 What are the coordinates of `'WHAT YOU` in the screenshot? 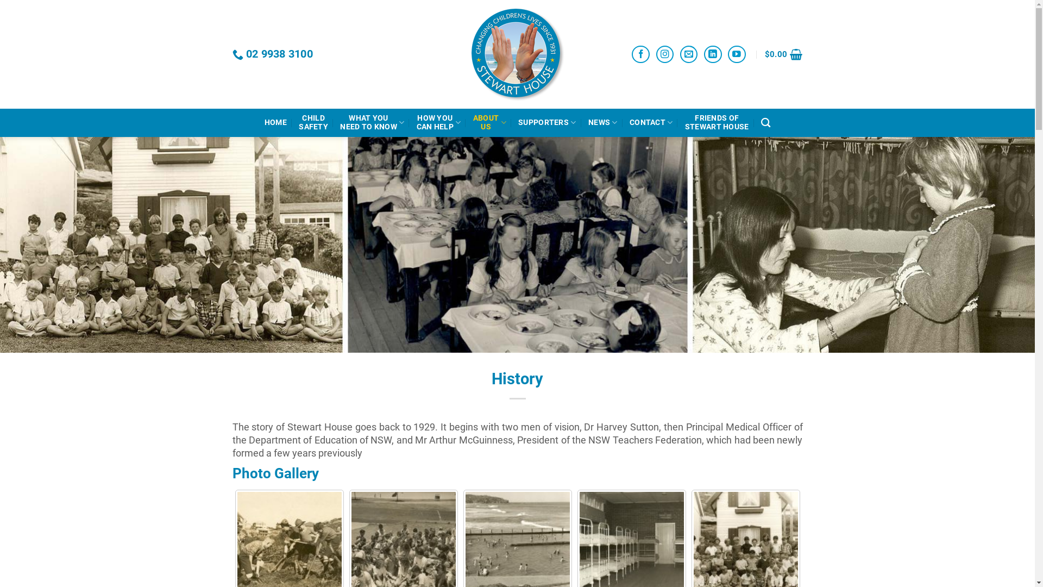 It's located at (339, 122).